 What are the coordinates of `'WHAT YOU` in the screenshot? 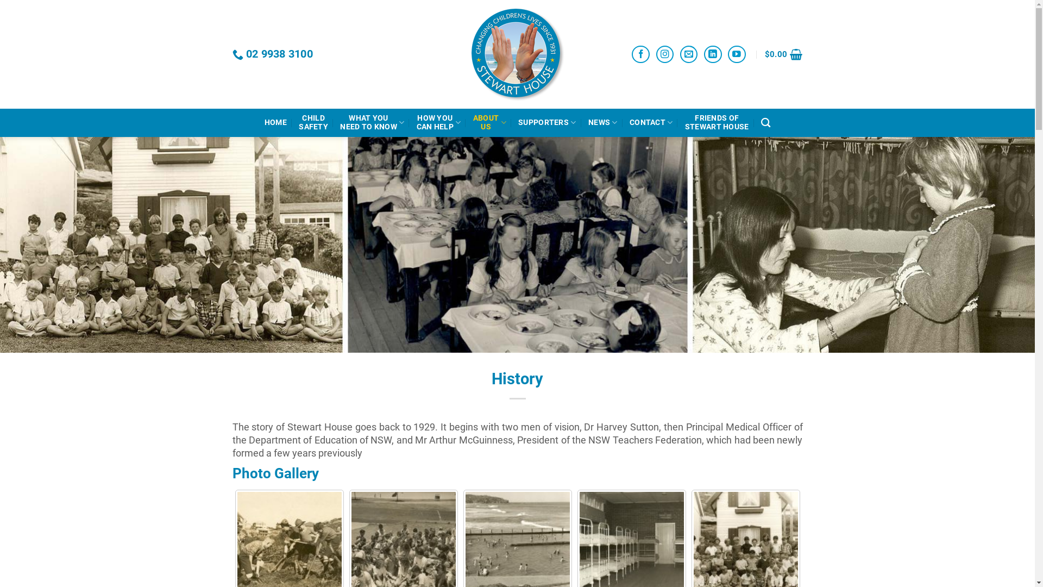 It's located at (339, 122).